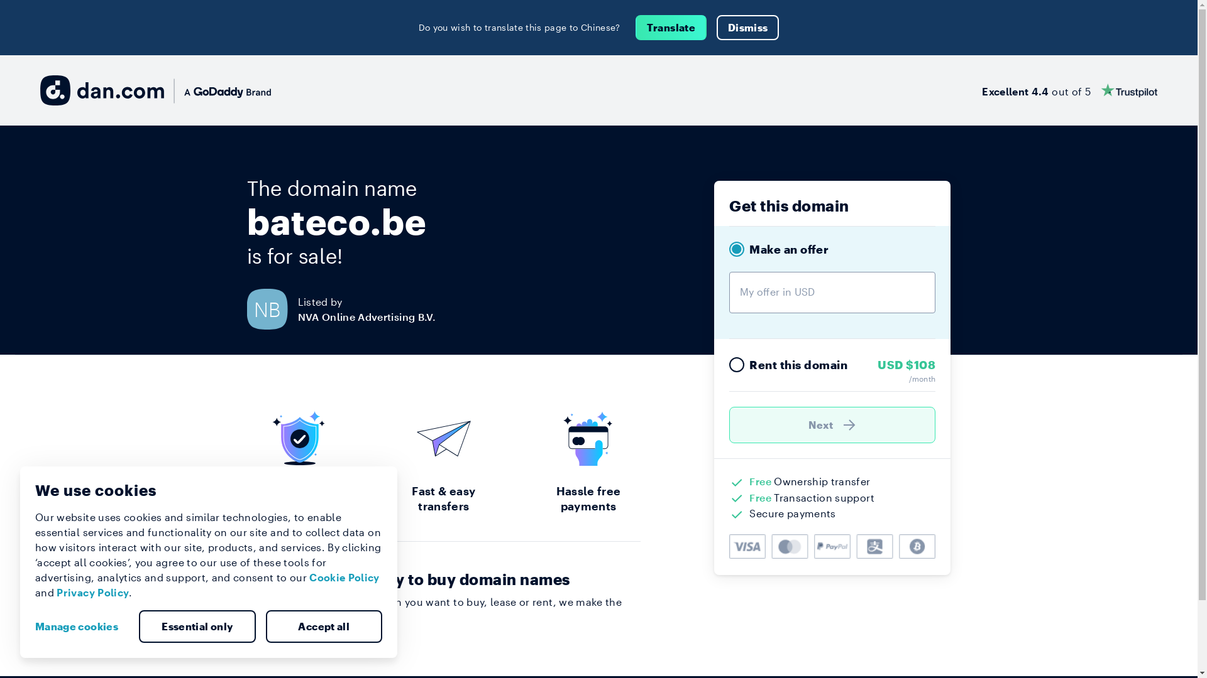 This screenshot has height=678, width=1207. I want to click on 'Next, so click(832, 424).